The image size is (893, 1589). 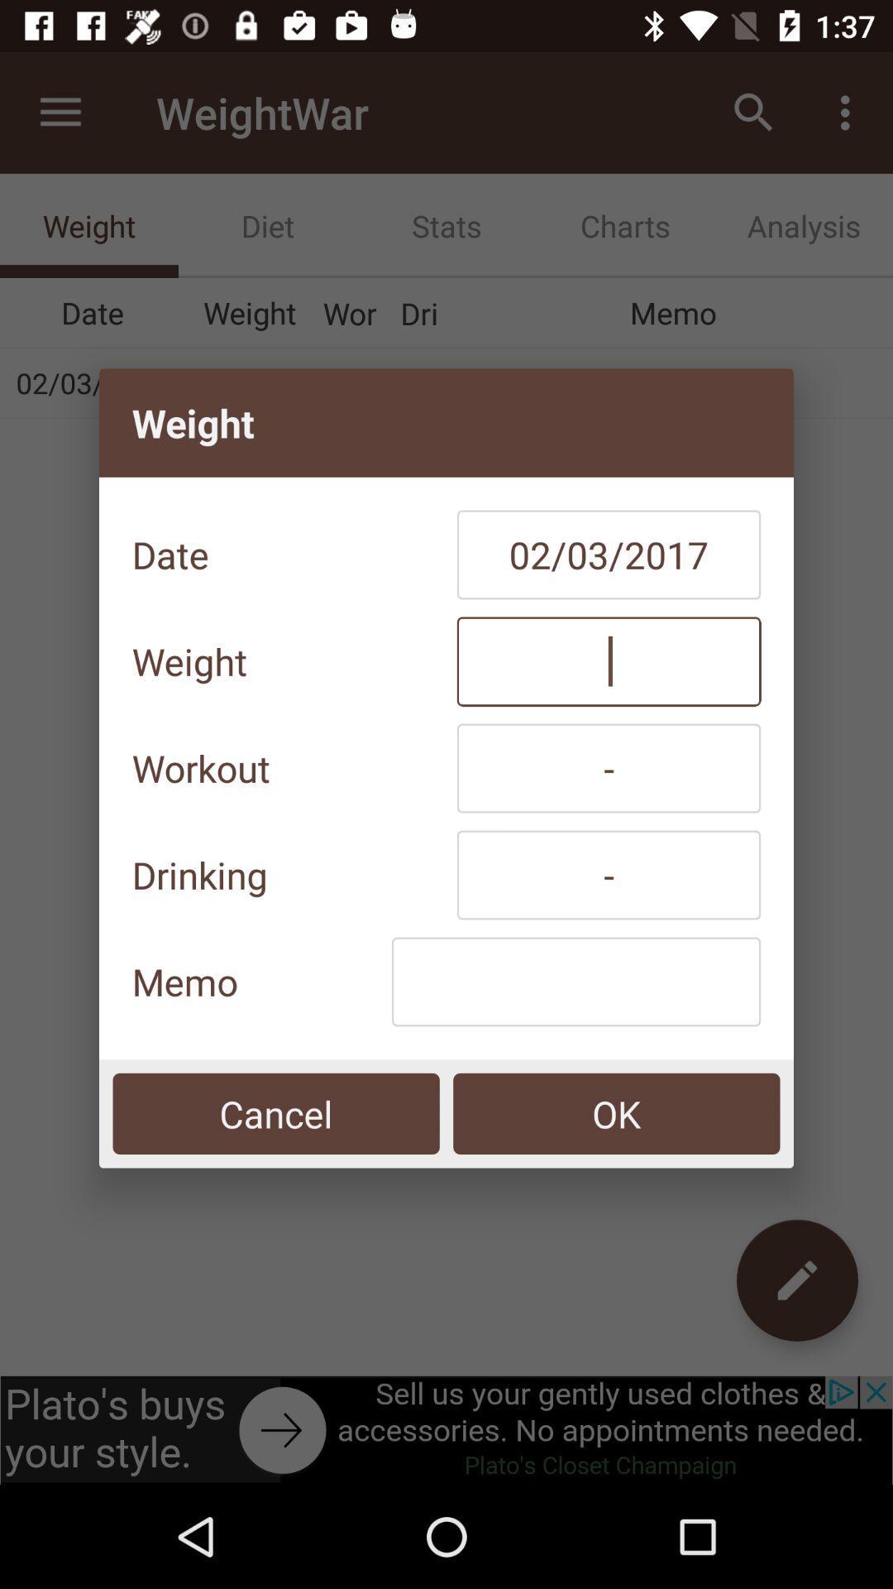 I want to click on icon next to weight, so click(x=609, y=660).